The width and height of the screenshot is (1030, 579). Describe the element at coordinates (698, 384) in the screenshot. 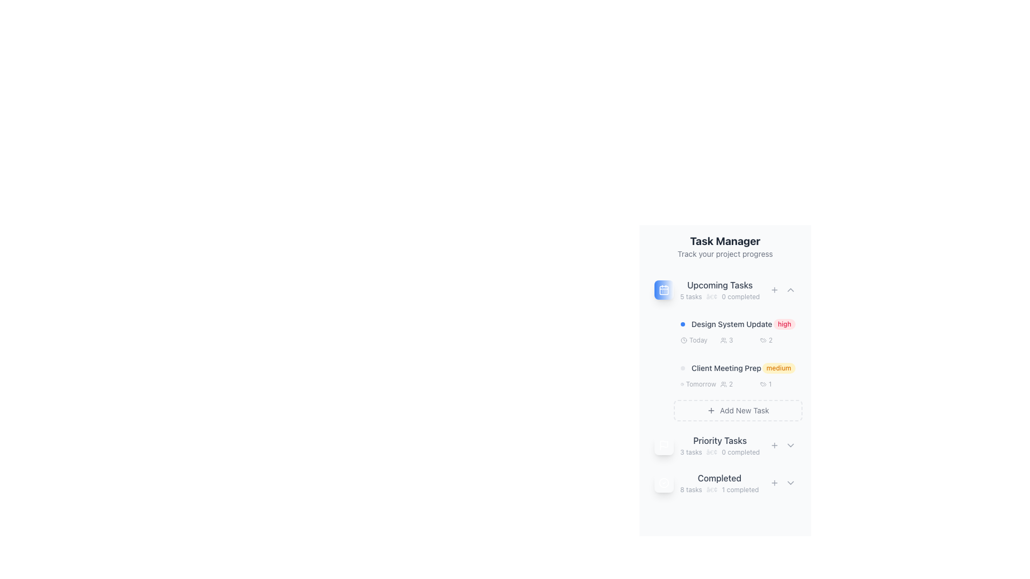

I see `the label displaying the word 'Tomorrow' in a small, gray-colored font, which is the first element within the 'Client Meeting Prep' task section in the 'Upcoming Tasks' group` at that location.